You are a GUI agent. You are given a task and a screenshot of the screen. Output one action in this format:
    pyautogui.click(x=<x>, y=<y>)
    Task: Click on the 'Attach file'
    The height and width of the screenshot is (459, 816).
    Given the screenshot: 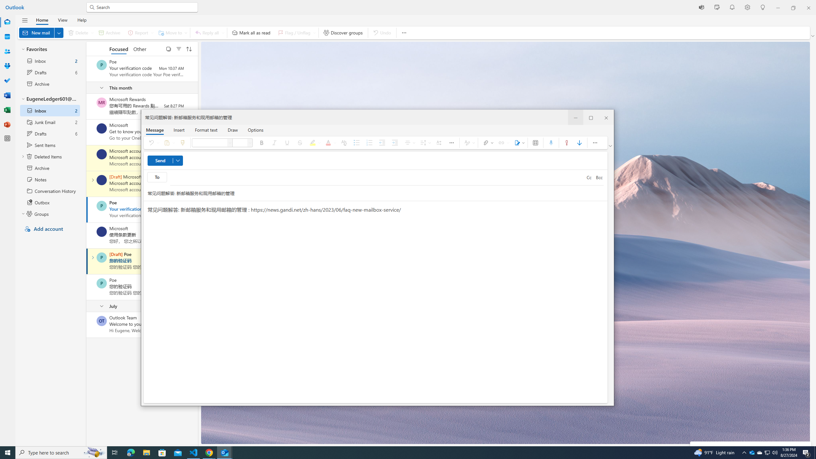 What is the action you would take?
    pyautogui.click(x=487, y=142)
    